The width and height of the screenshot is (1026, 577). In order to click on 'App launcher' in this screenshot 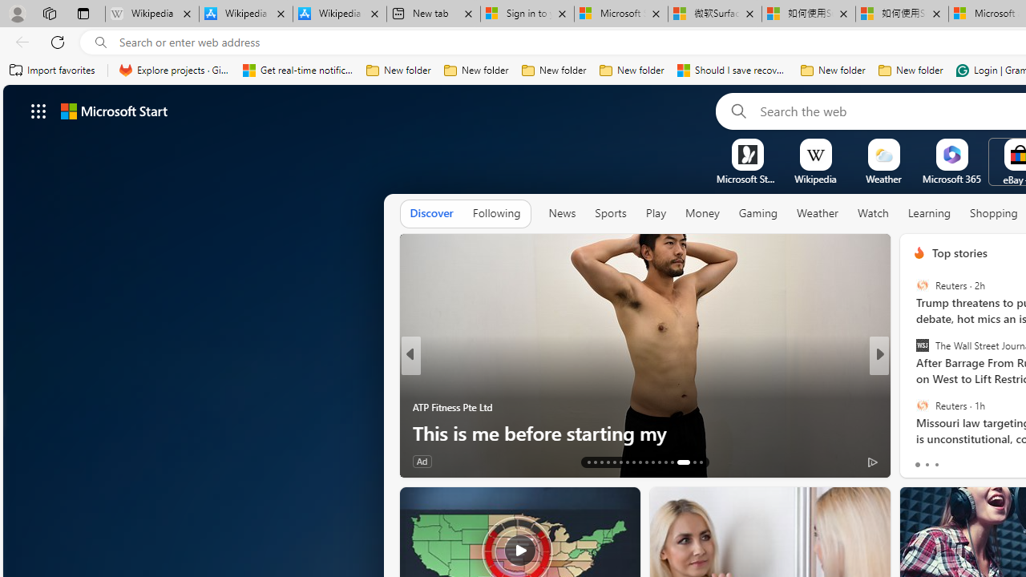, I will do `click(38, 110)`.